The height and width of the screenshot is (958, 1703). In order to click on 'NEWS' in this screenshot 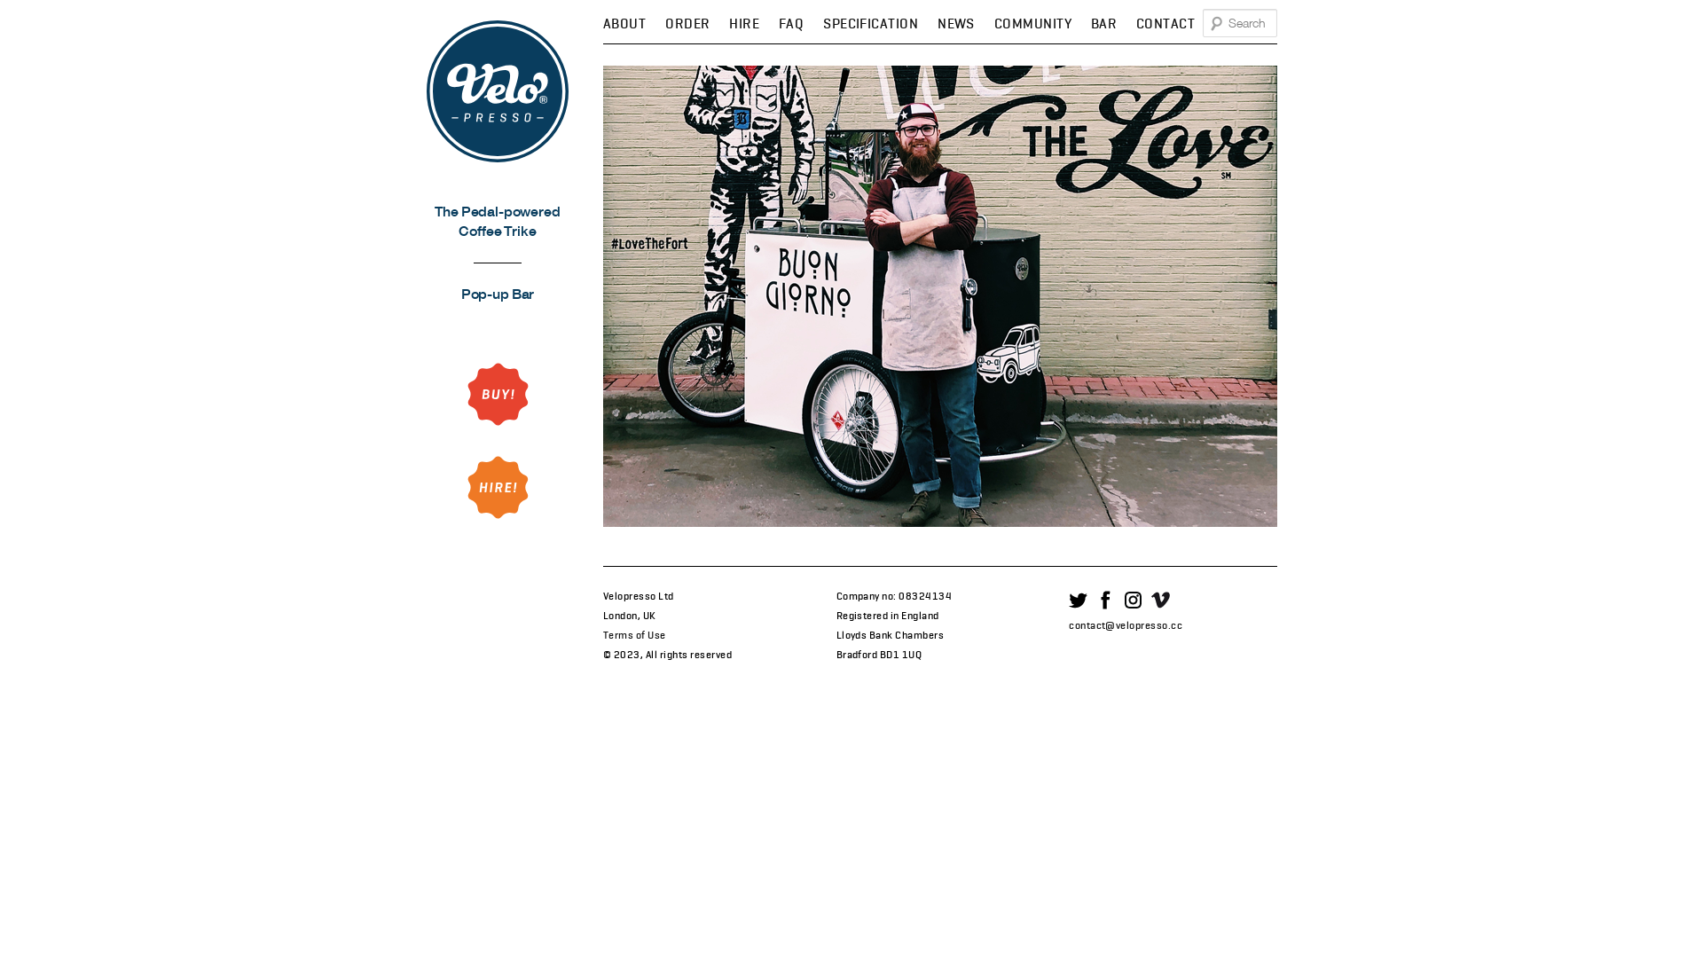, I will do `click(963, 24)`.